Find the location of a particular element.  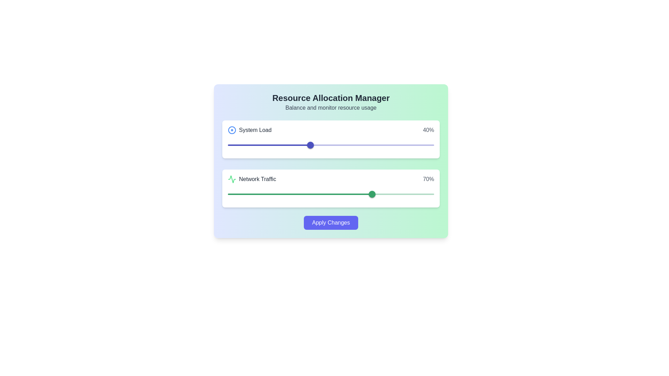

the static text element that displays the percentage value indicating the current system load, positioned to the right of the 'System Load' label and icon is located at coordinates (428, 130).